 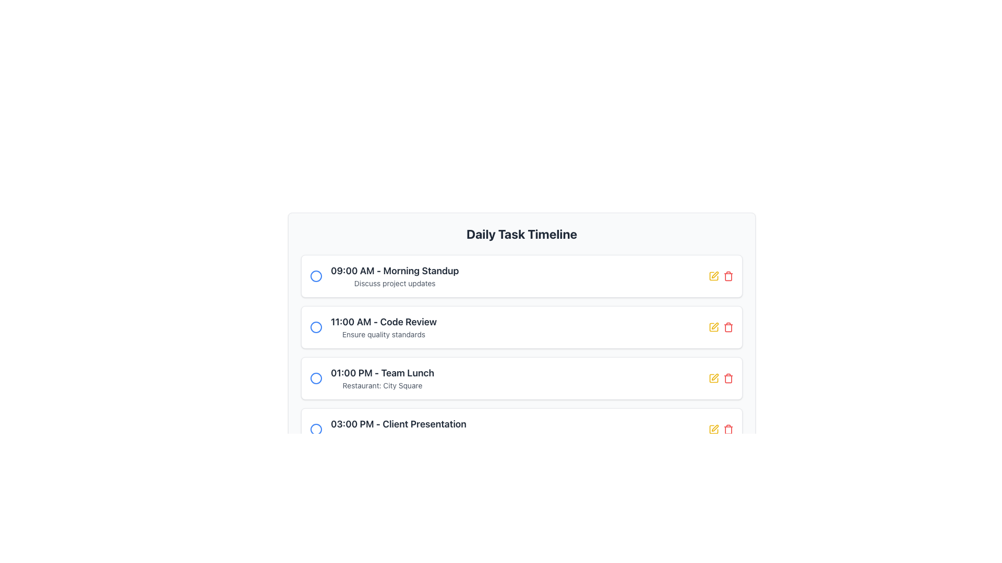 I want to click on the circular status indicator located to the left of the time label '01:00 PM - Team Lunch' in the third entry of the event list, so click(x=315, y=378).